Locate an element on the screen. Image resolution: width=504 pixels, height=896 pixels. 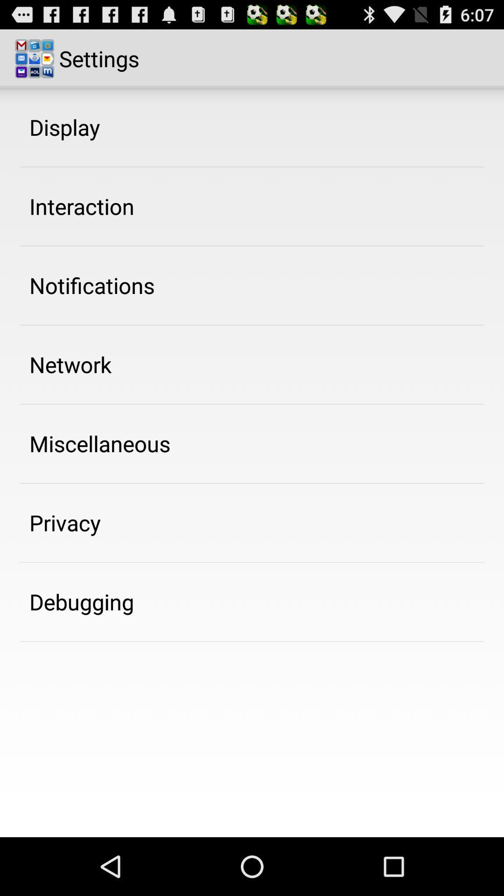
notifications icon is located at coordinates (92, 285).